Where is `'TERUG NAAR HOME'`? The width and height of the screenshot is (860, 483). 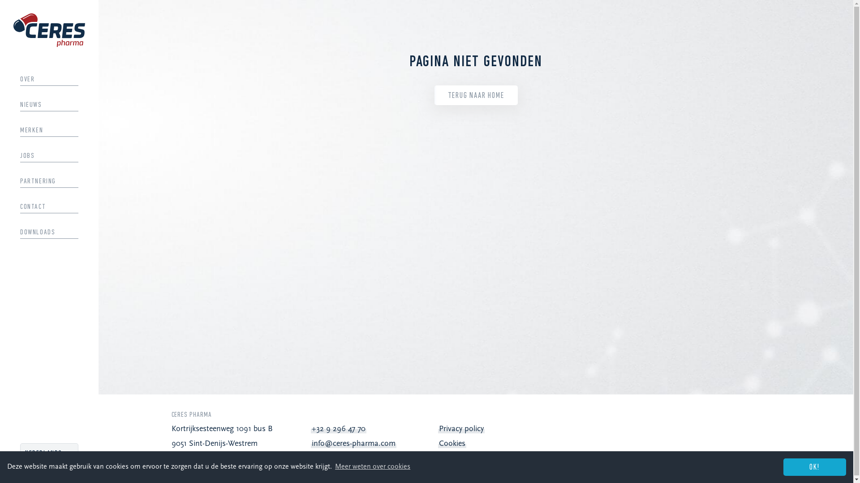
'TERUG NAAR HOME' is located at coordinates (475, 95).